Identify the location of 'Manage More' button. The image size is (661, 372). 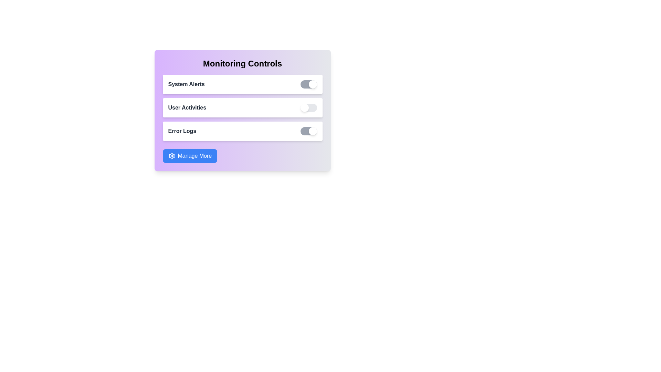
(190, 156).